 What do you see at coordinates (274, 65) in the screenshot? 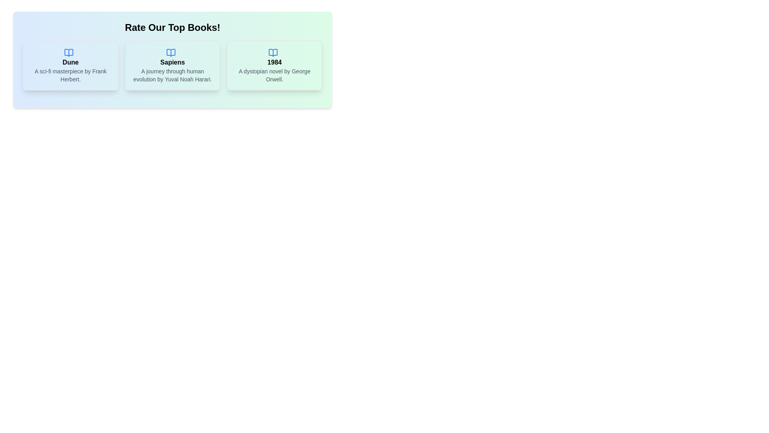
I see `to select the card titled '1984', which is the third card in the grid below the header 'Rate Our Top Books!'` at bounding box center [274, 65].